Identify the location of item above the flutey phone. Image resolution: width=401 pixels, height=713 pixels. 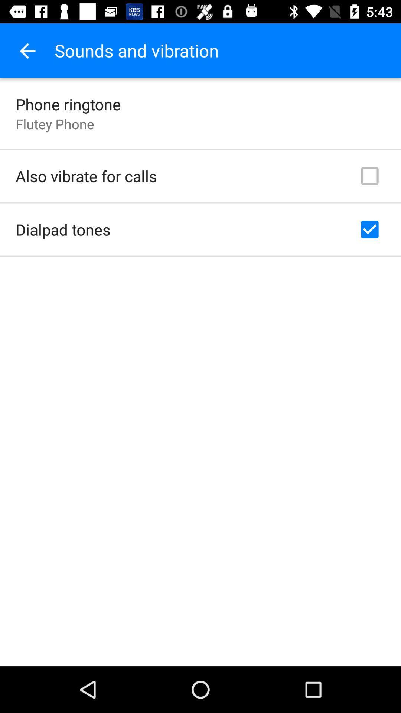
(68, 104).